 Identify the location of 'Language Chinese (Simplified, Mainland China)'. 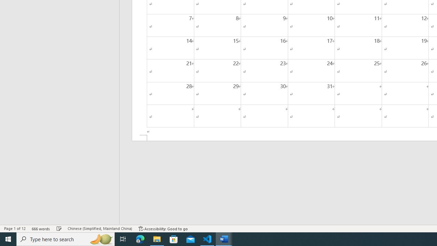
(99, 229).